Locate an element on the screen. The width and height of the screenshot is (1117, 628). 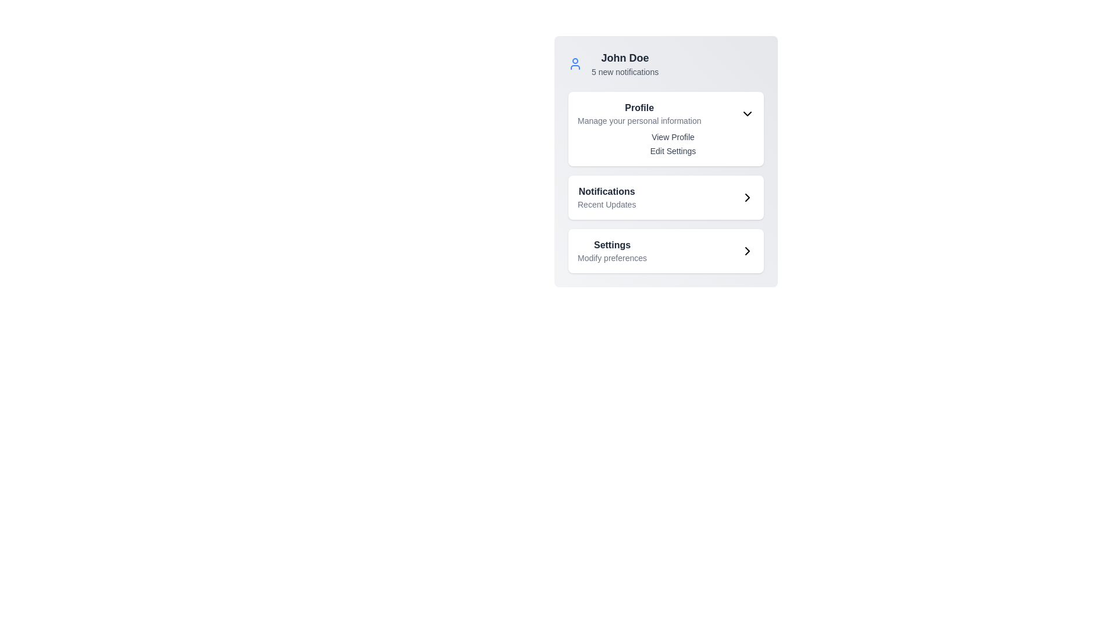
the 'Notifications' navigation menu item element using tab navigation is located at coordinates (606, 197).